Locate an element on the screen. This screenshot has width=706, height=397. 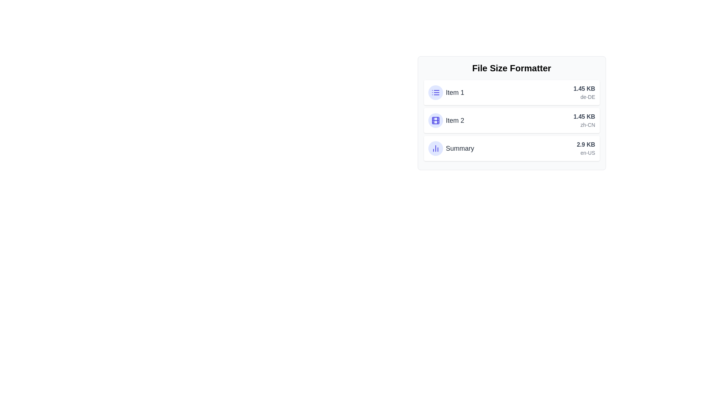
label element, which is positioned to the right of a list icon in the user interface panel is located at coordinates (454, 92).